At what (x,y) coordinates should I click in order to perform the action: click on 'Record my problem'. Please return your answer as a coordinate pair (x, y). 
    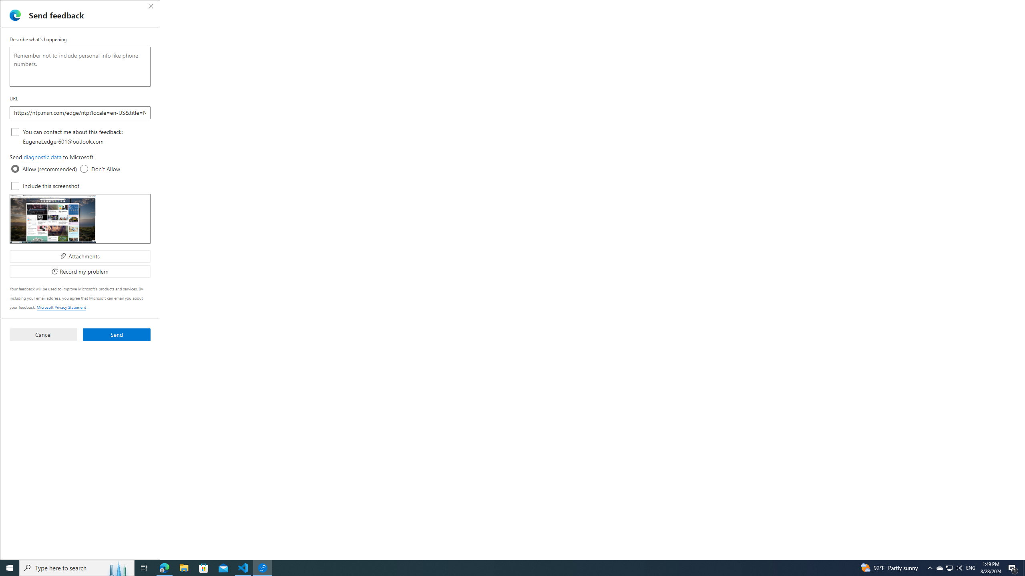
    Looking at the image, I should click on (80, 271).